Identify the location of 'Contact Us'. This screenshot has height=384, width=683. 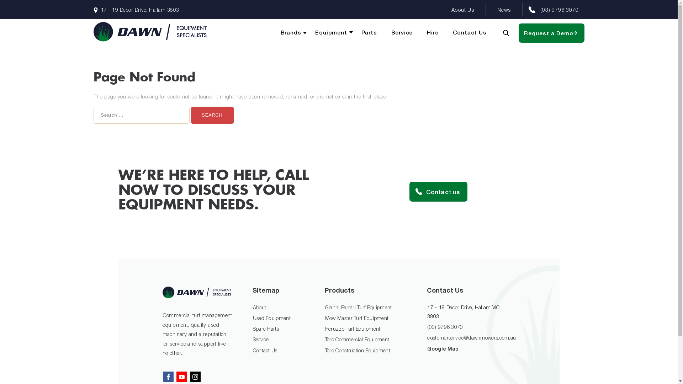
(253, 350).